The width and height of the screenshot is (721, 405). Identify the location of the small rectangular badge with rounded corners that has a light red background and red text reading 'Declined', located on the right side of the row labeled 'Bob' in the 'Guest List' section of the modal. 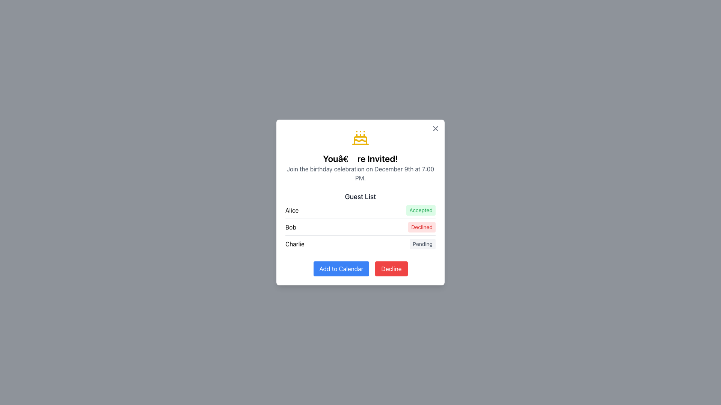
(422, 226).